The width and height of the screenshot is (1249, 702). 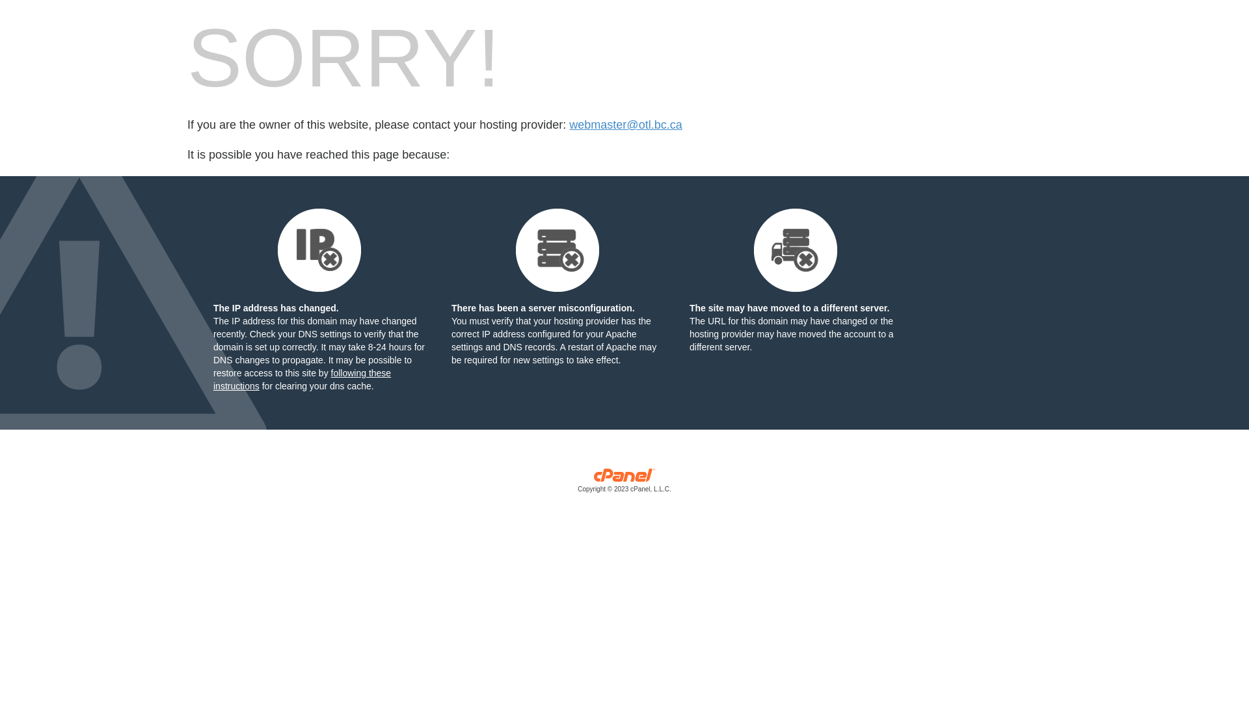 I want to click on 'webmaster@otl.bc.ca', so click(x=625, y=125).